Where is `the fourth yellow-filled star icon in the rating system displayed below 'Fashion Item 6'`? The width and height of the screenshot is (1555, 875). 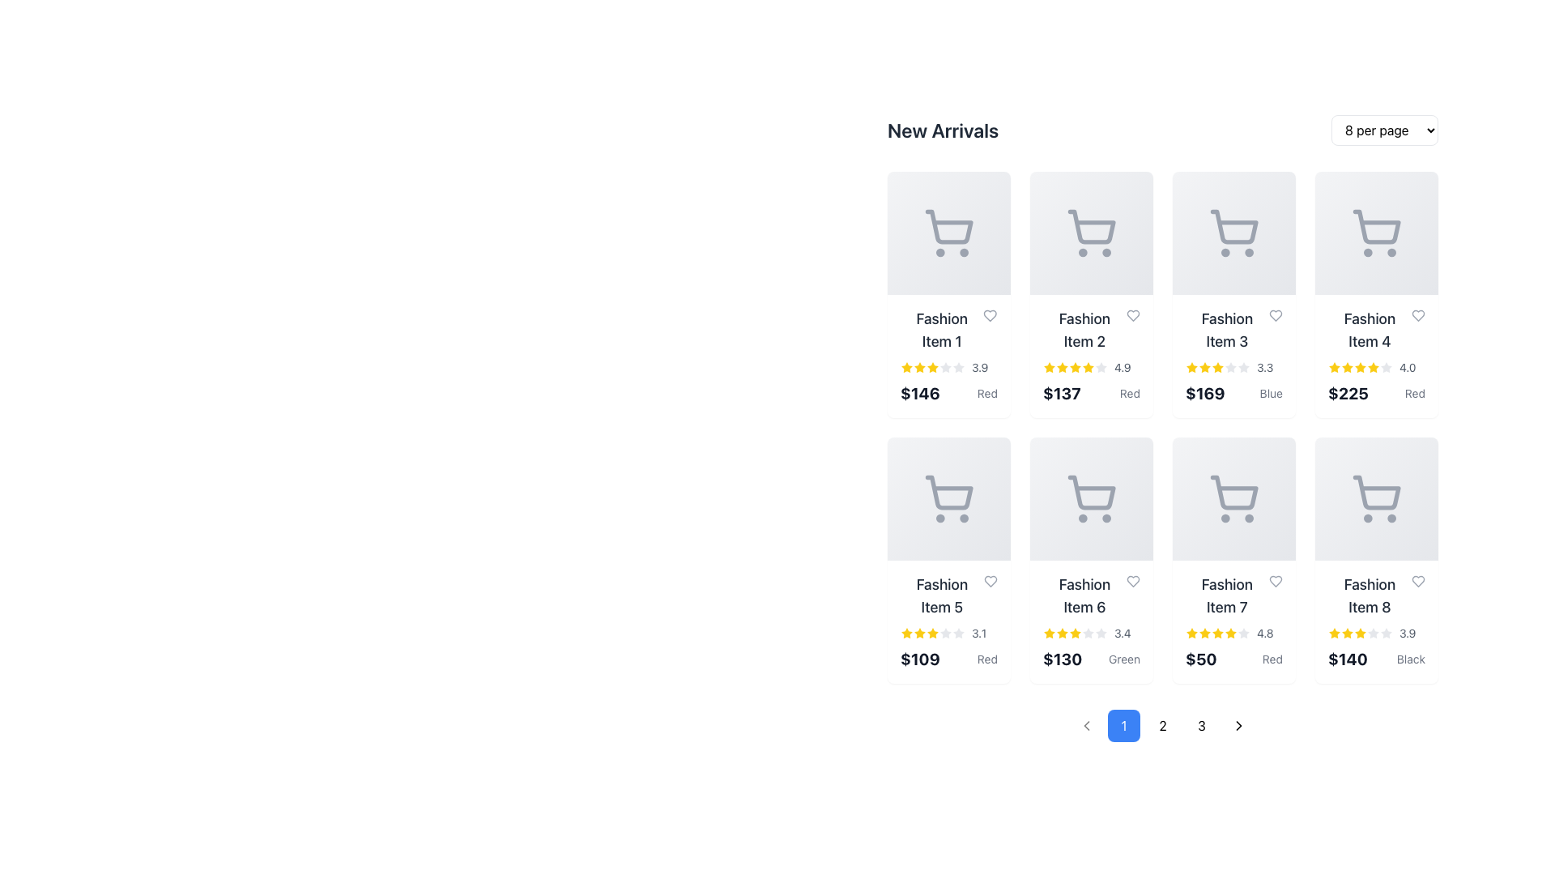 the fourth yellow-filled star icon in the rating system displayed below 'Fashion Item 6' is located at coordinates (1076, 633).